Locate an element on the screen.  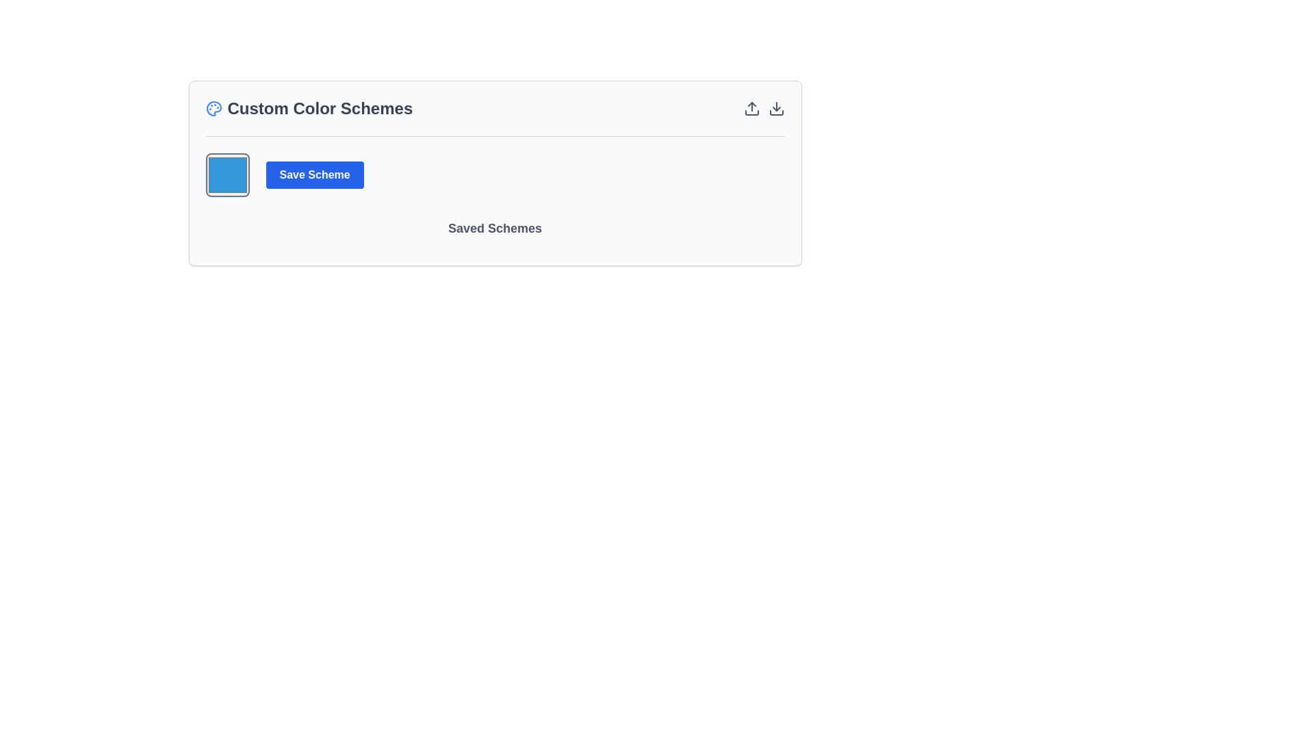
the download icon located to the far right of the 'Custom Color Schemes' title in the horizontal toolbar to initiate an export action is located at coordinates (763, 107).